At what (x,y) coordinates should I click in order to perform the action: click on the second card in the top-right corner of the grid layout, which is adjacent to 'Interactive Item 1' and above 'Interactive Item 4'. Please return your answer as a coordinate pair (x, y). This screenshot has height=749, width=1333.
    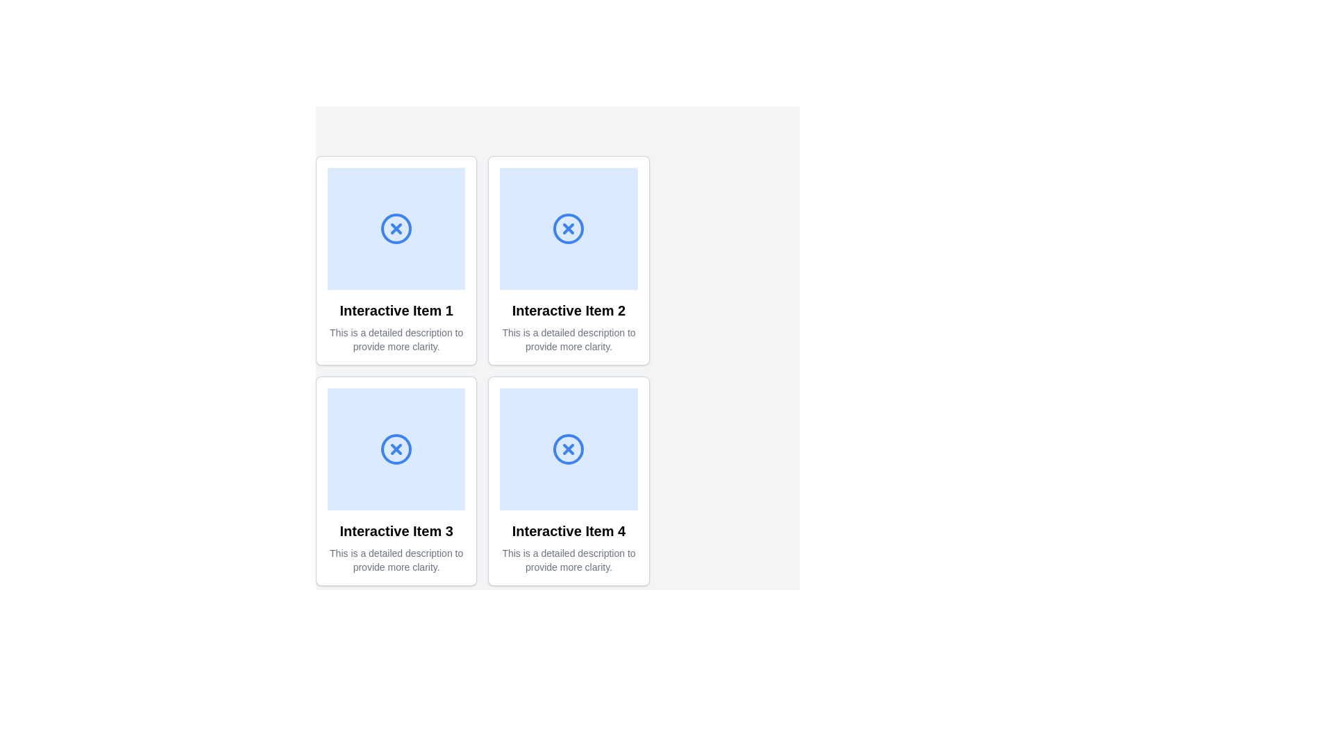
    Looking at the image, I should click on (569, 260).